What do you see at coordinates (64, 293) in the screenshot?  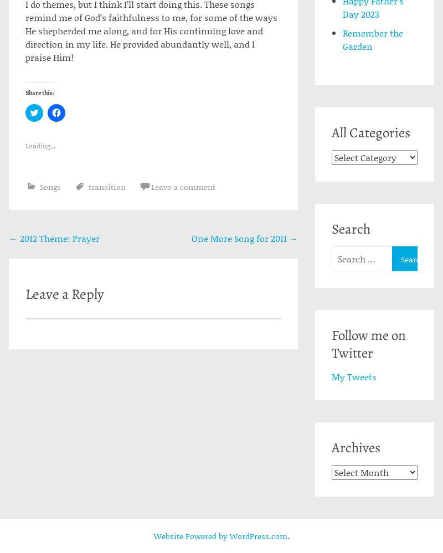 I see `'Leave a Reply'` at bounding box center [64, 293].